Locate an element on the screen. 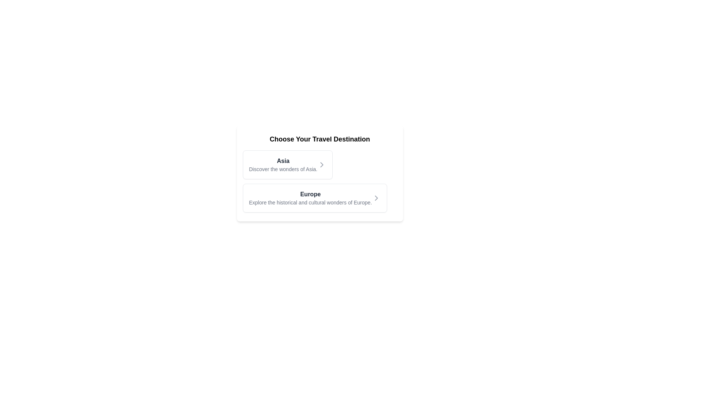  the 'Europe' label, which is the second option in the list of travel destinations under 'Choose Your Travel Destination' is located at coordinates (310, 198).